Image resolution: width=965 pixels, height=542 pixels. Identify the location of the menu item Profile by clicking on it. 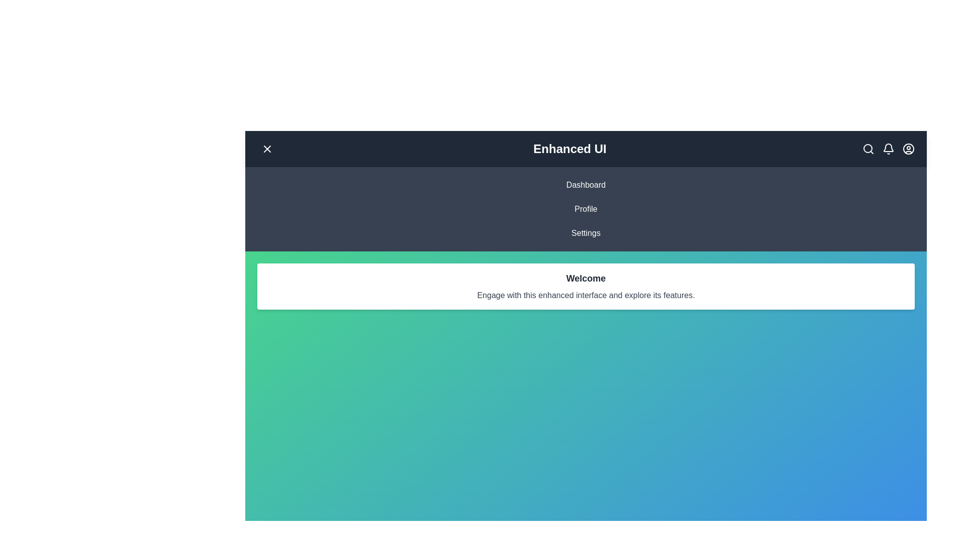
(586, 208).